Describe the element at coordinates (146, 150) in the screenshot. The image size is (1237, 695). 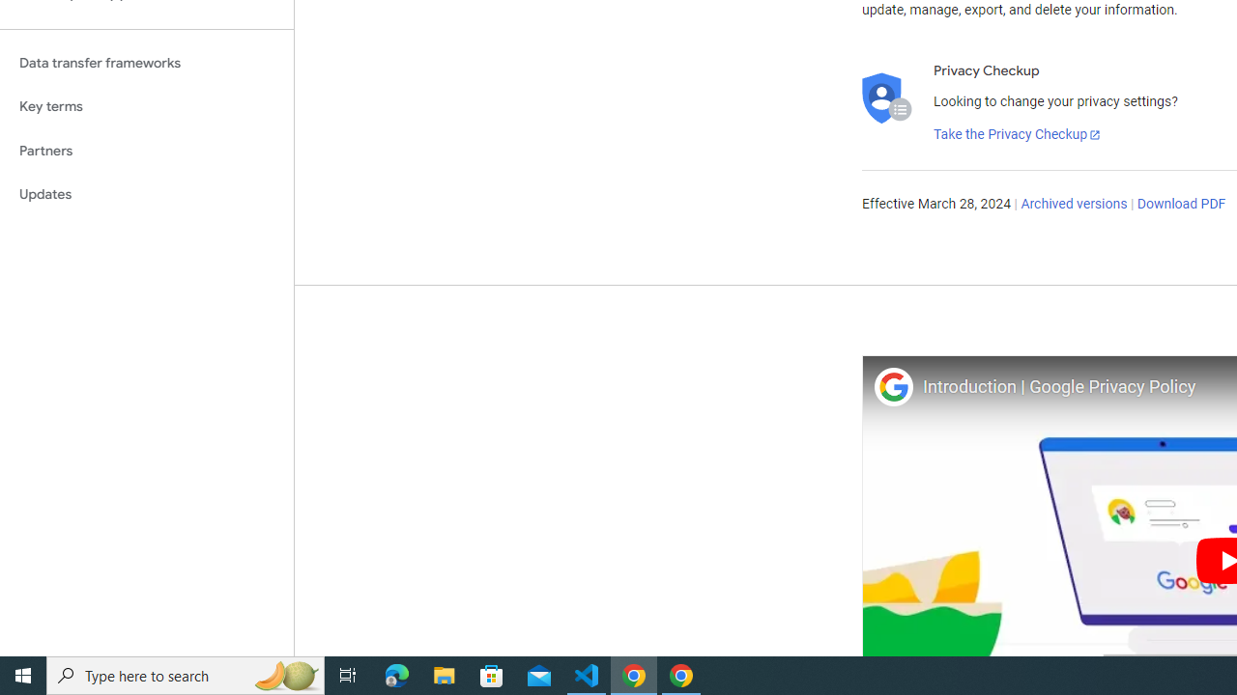
I see `'Partners'` at that location.